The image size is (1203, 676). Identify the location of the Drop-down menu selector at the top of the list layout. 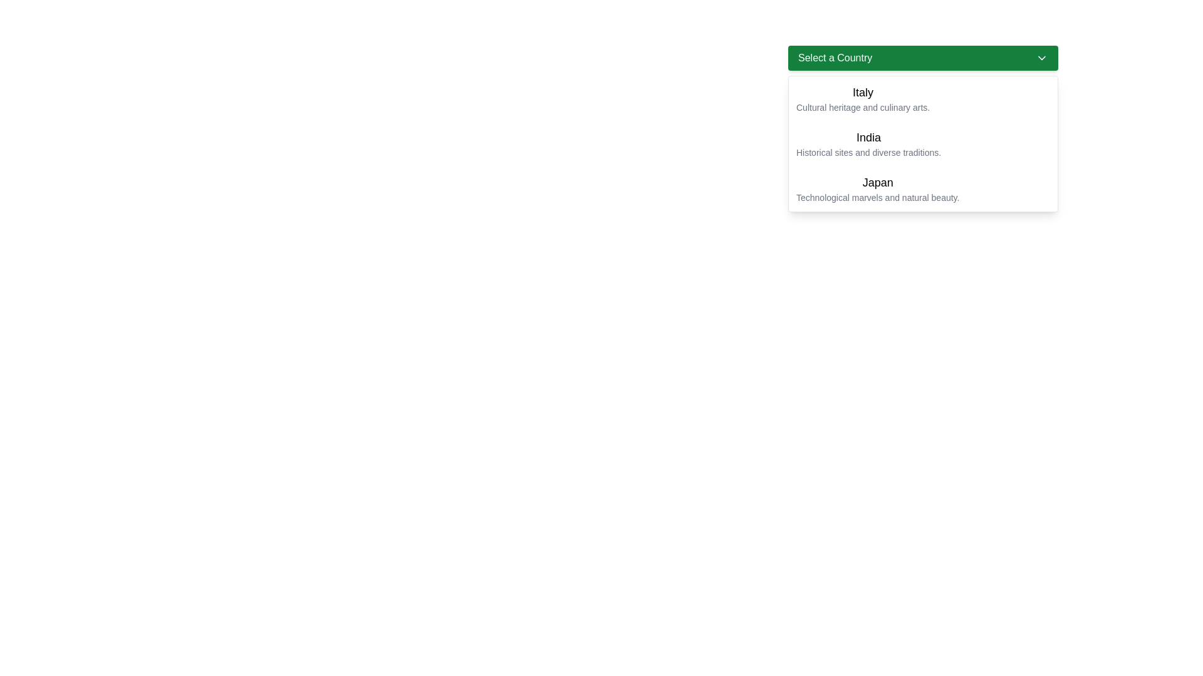
(923, 69).